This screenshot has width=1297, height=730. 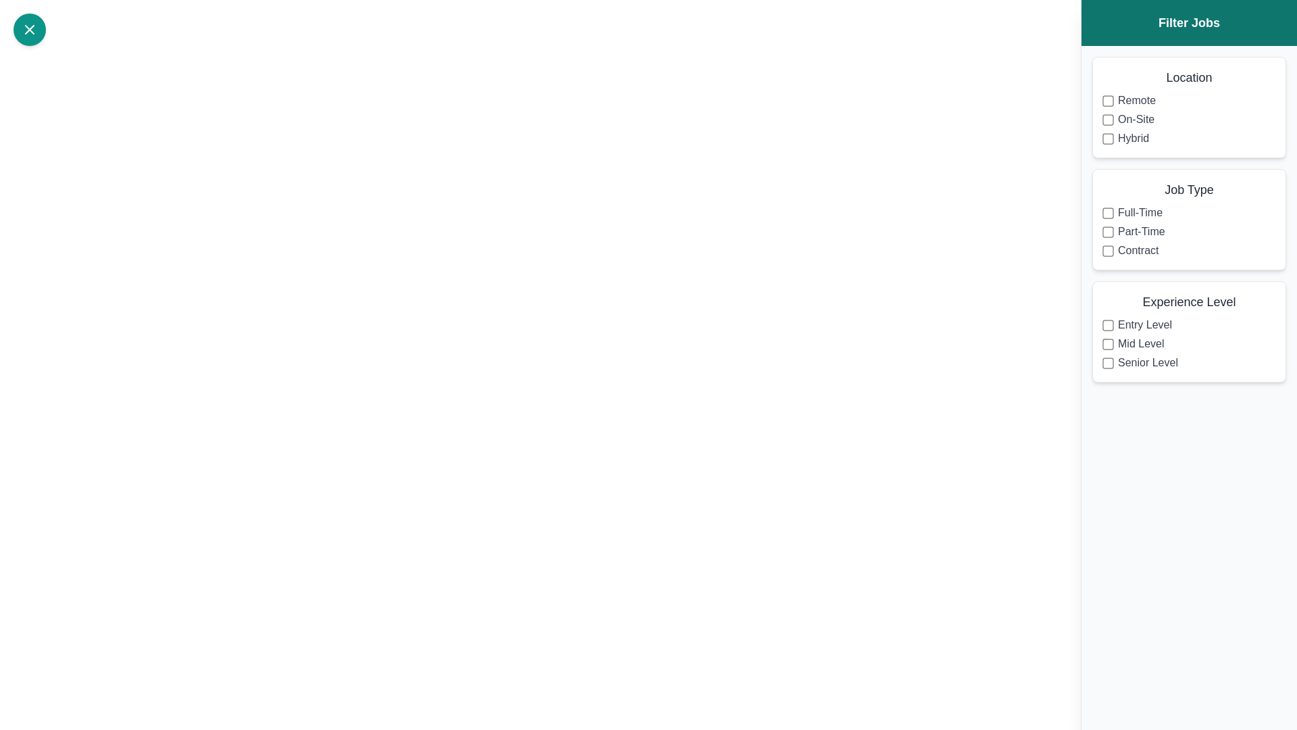 What do you see at coordinates (29, 29) in the screenshot?
I see `the toggle button at the top-left corner to toggle the drawer open or closed` at bounding box center [29, 29].